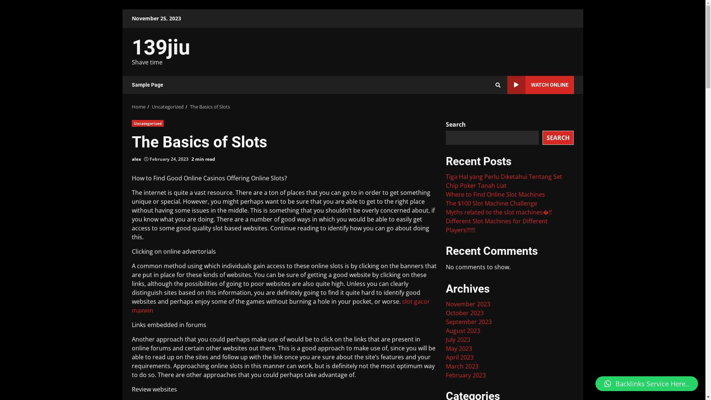  I want to click on 'May 2023', so click(458, 349).